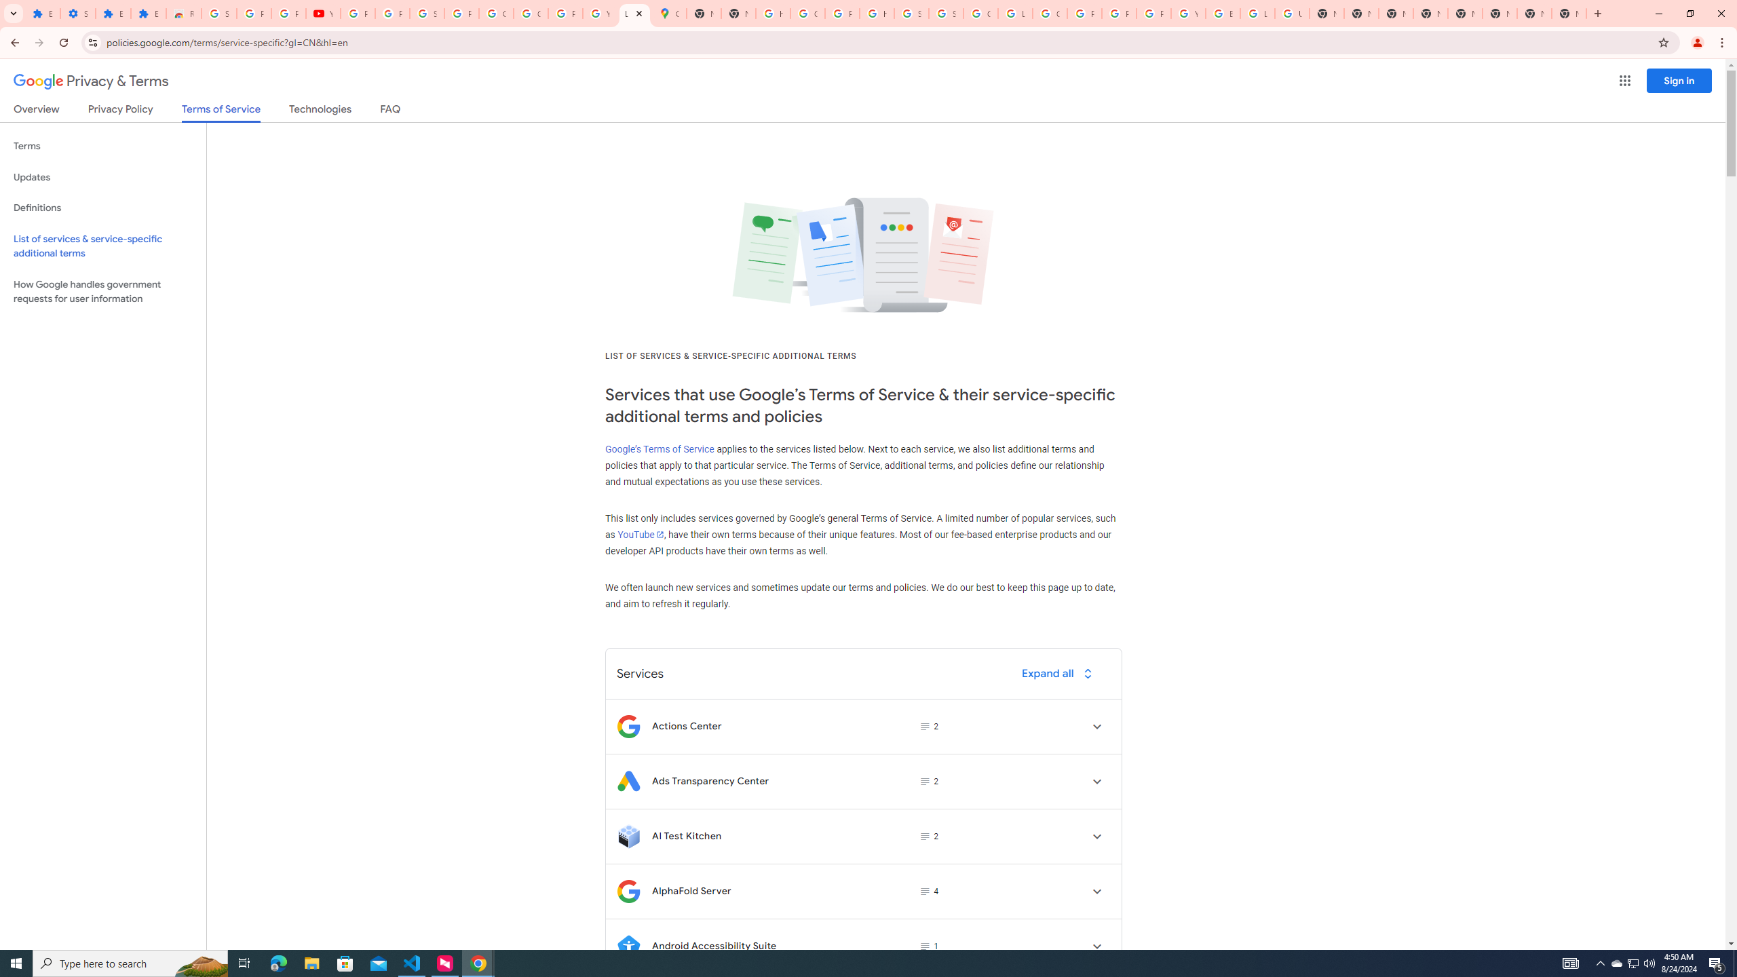  What do you see at coordinates (628, 780) in the screenshot?
I see `'Logo for Ads Transparency Center'` at bounding box center [628, 780].